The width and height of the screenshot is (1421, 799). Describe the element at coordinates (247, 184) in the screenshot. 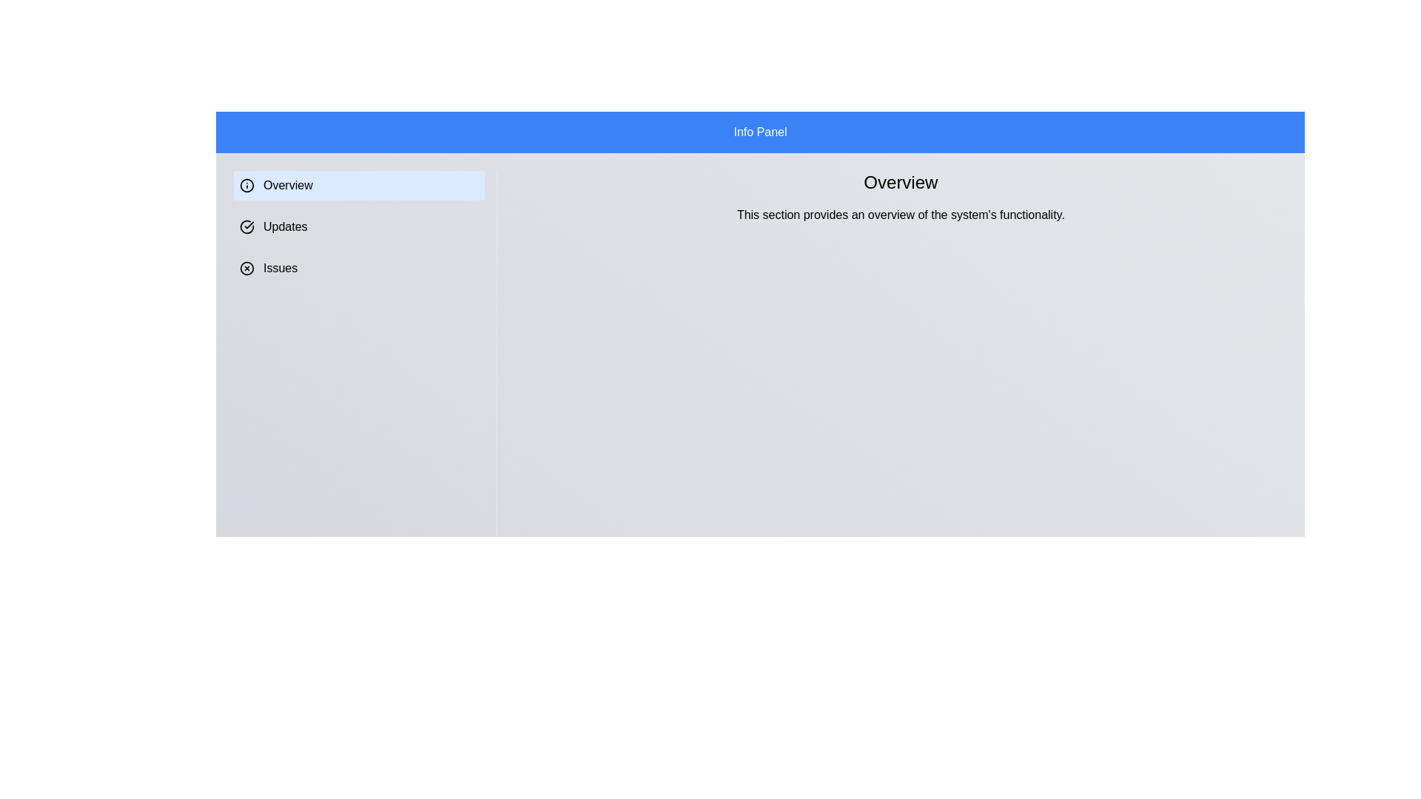

I see `the icon for the Overview section` at that location.